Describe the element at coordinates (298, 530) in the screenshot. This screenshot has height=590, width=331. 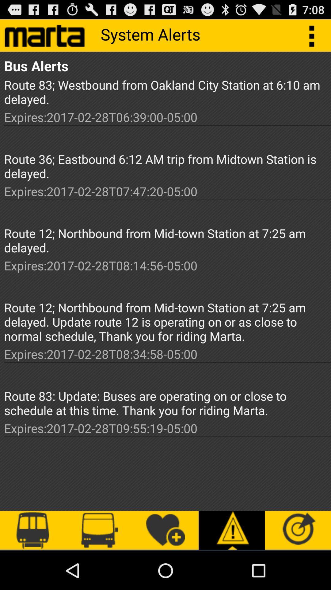
I see `the icon bottom of right corner` at that location.